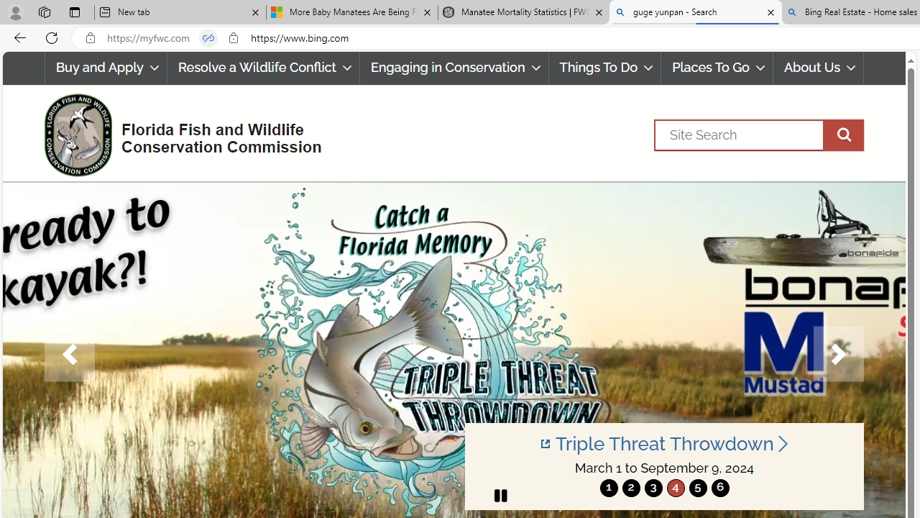  I want to click on '6', so click(720, 487).